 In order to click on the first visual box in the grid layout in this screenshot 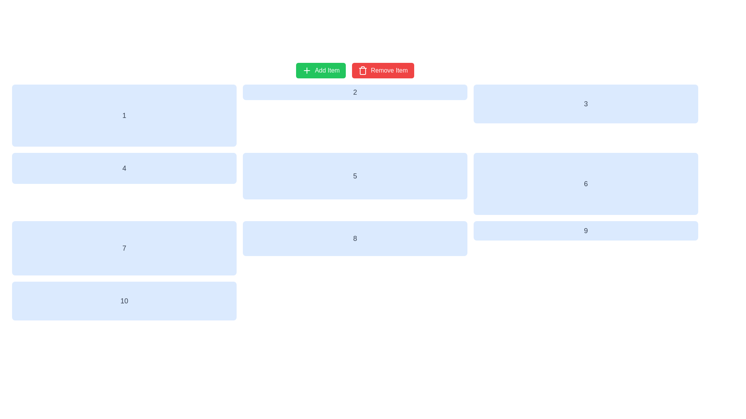, I will do `click(124, 115)`.